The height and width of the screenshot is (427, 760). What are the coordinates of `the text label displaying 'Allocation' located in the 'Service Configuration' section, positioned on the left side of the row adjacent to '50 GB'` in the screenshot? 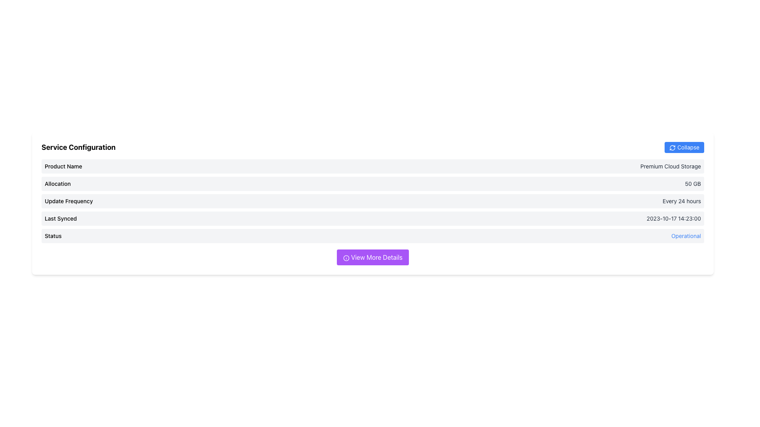 It's located at (57, 184).